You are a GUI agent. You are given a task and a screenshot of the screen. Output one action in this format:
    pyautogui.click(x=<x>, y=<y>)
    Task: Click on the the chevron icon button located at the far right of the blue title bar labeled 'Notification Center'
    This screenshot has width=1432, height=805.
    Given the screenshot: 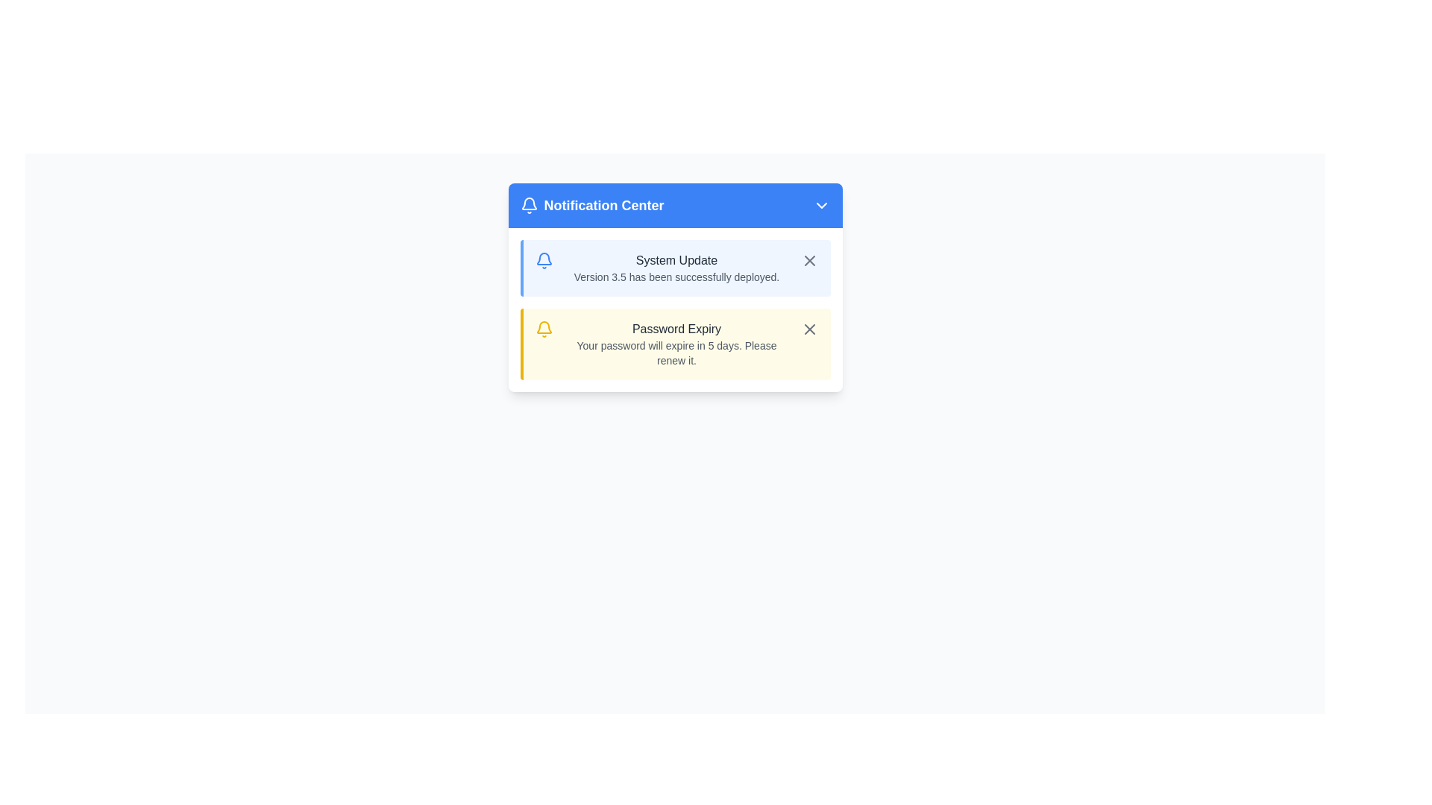 What is the action you would take?
    pyautogui.click(x=820, y=206)
    